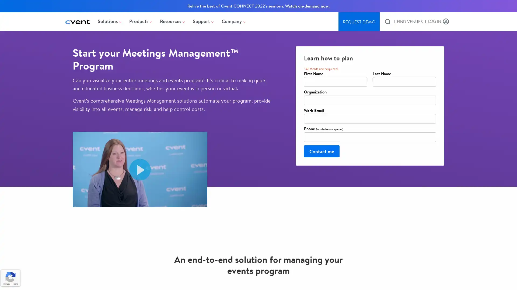  I want to click on Contact me, so click(322, 151).